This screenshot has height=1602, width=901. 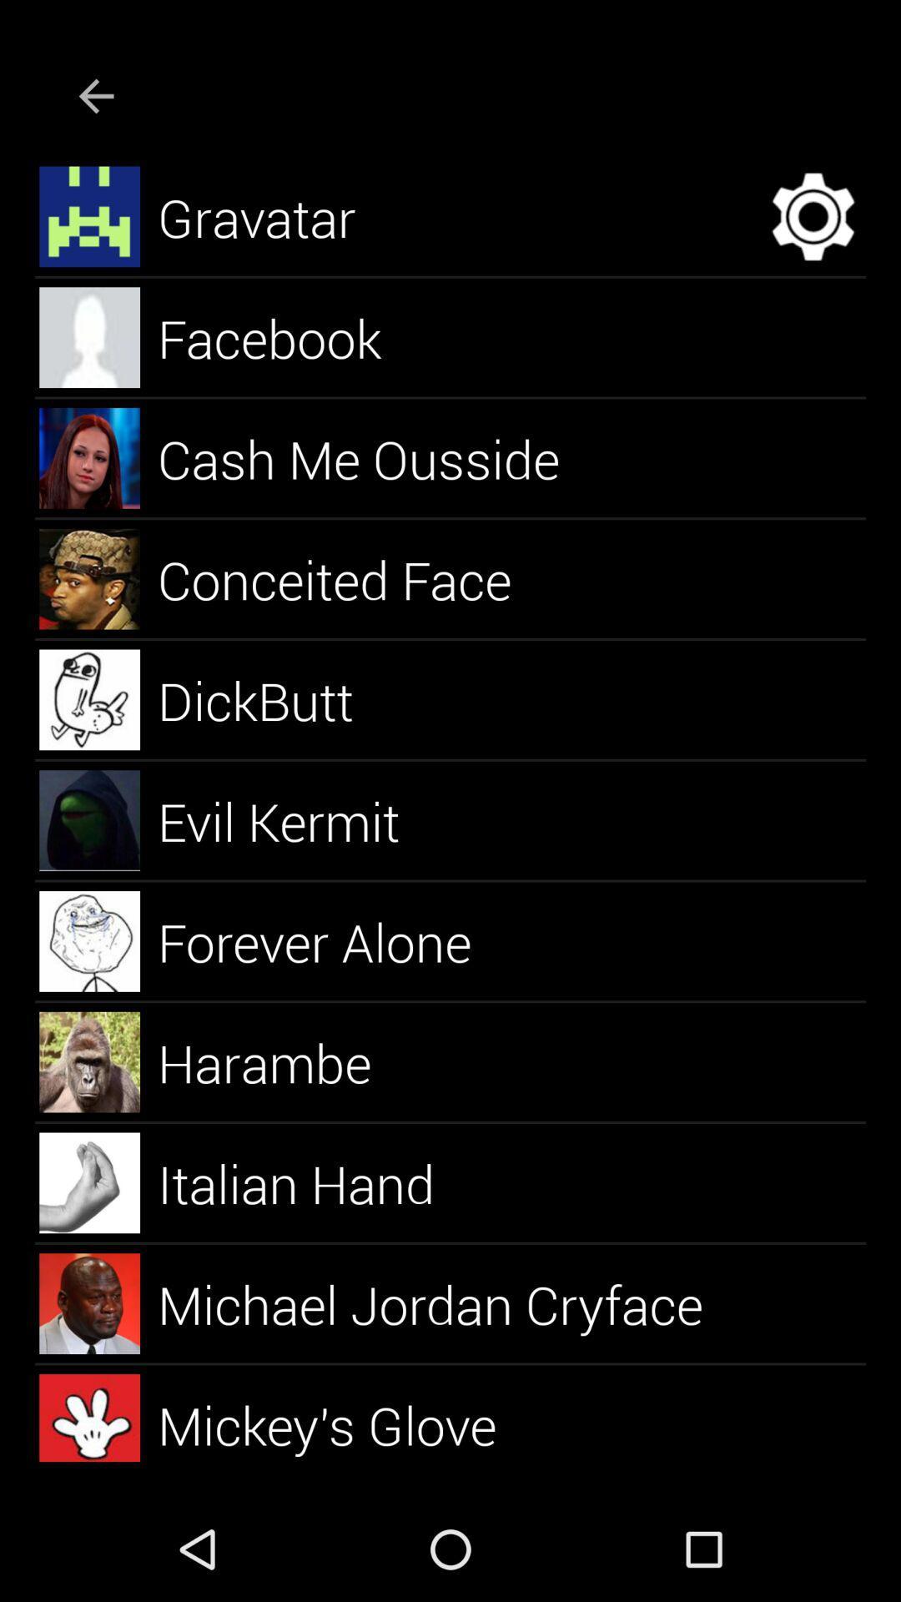 What do you see at coordinates (274, 699) in the screenshot?
I see `dickbutt icon` at bounding box center [274, 699].